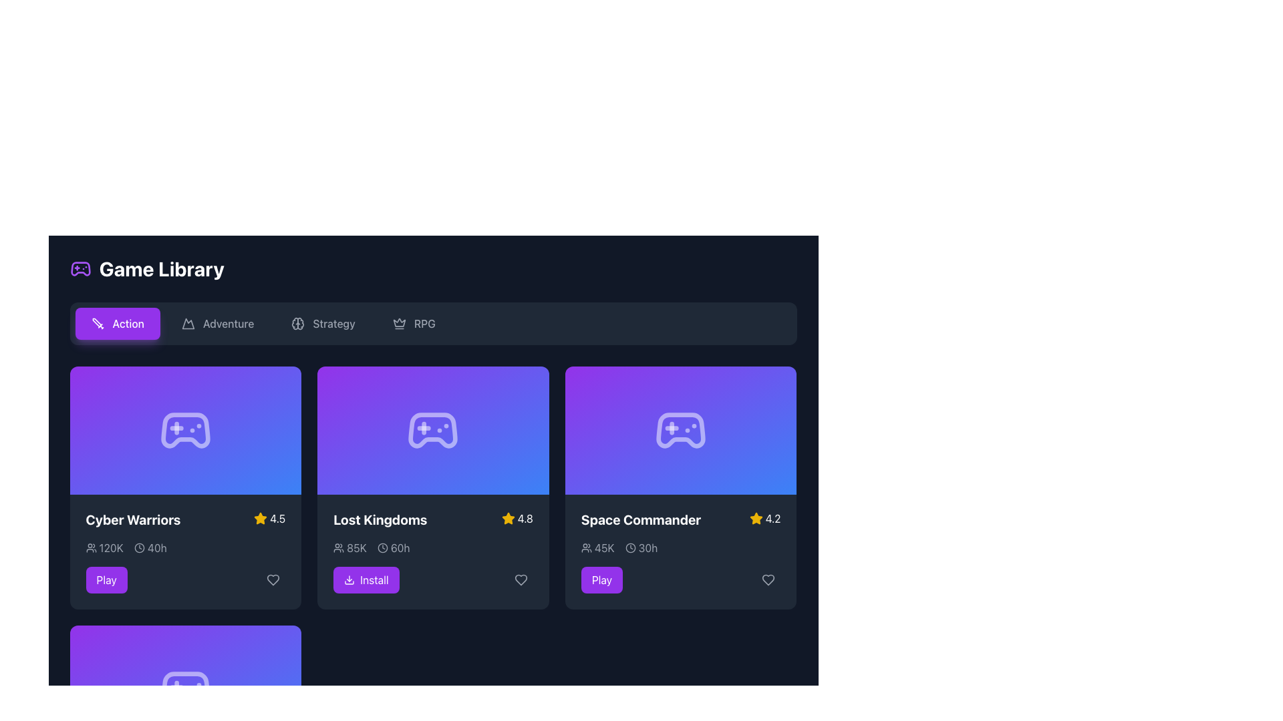 This screenshot has height=721, width=1283. I want to click on the 'Adventure' filter button, which is the second option in the row of category selectors located between the 'Action' and 'Strategy' buttons, to apply the filter, so click(218, 324).